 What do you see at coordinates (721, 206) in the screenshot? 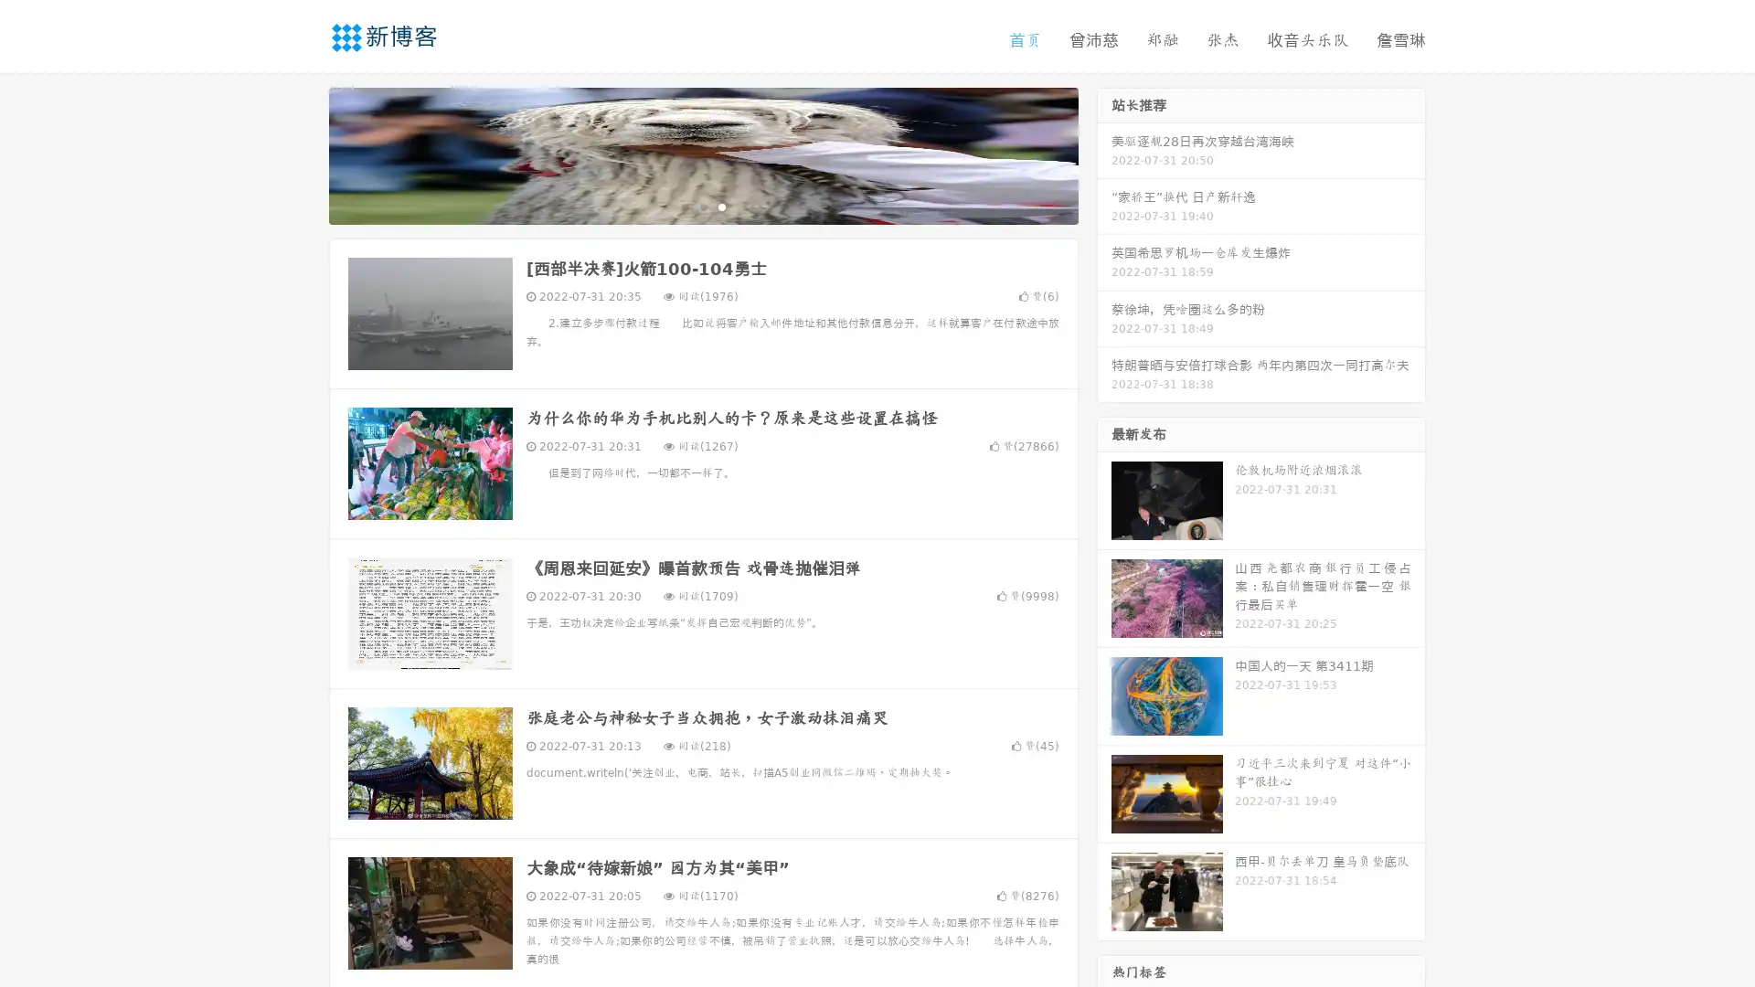
I see `Go to slide 3` at bounding box center [721, 206].